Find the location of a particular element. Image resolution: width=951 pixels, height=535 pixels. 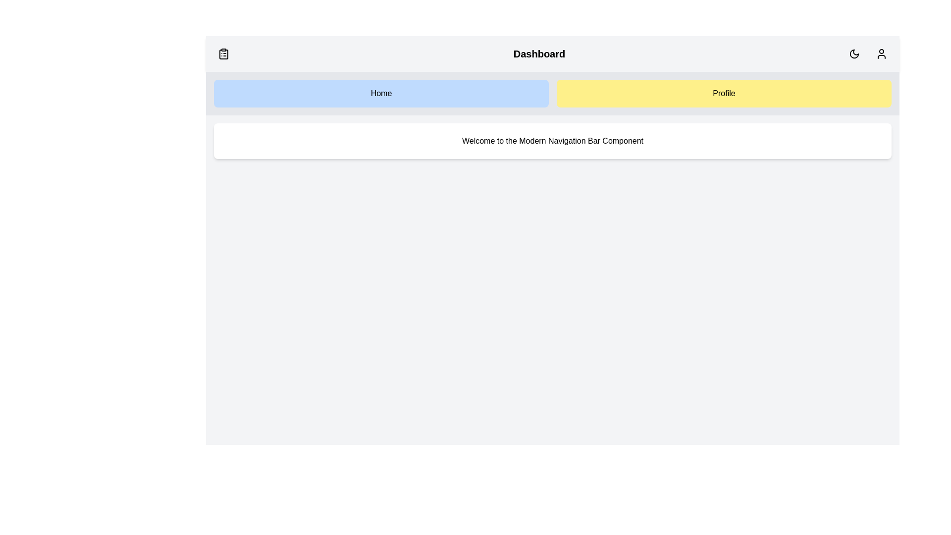

the menu button to toggle the menu visibility is located at coordinates (223, 53).